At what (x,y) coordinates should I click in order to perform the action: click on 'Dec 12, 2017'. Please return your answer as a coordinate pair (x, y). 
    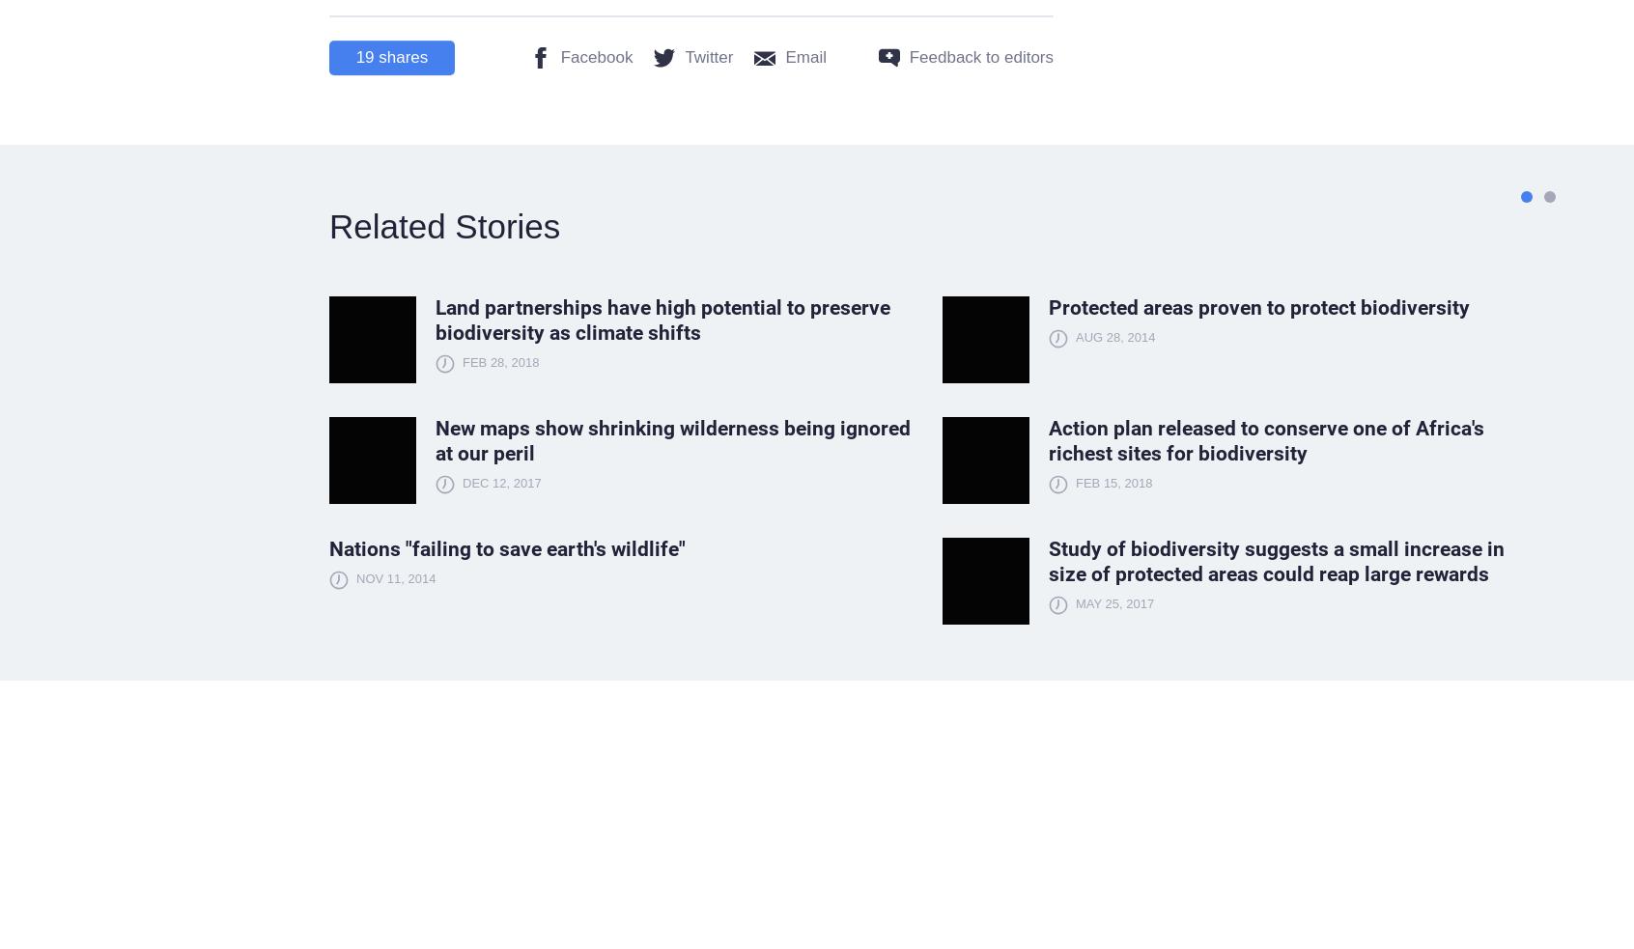
    Looking at the image, I should click on (462, 483).